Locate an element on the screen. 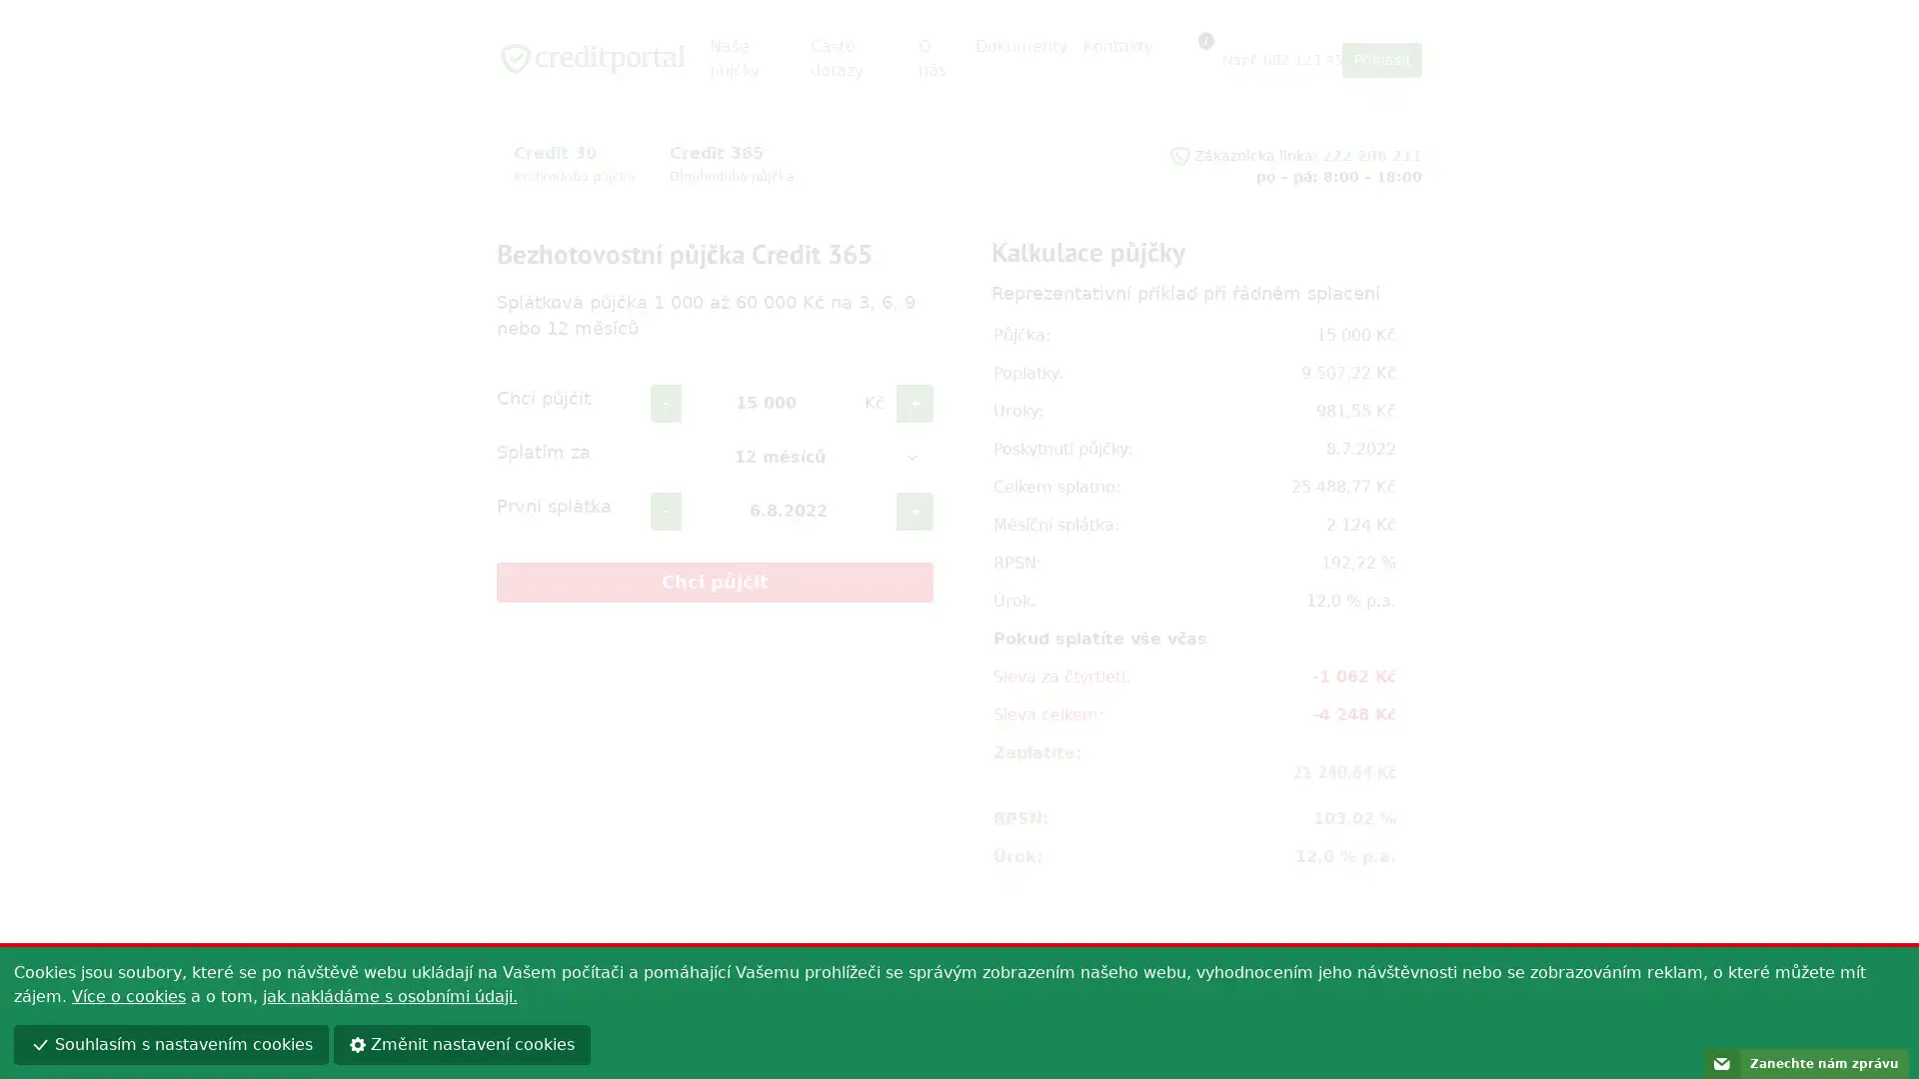  - is located at coordinates (665, 402).